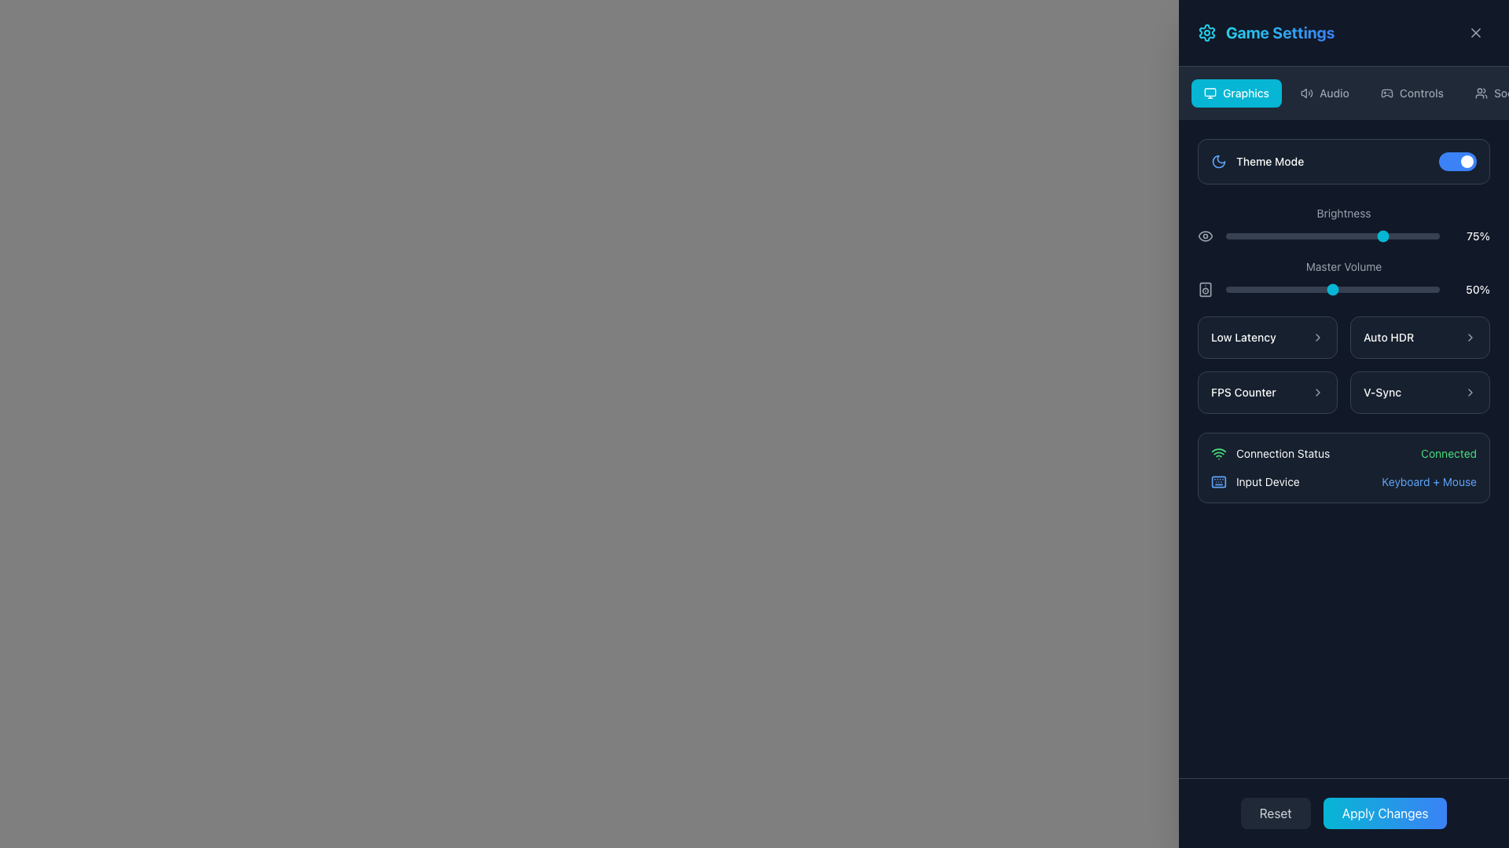 This screenshot has width=1509, height=848. I want to click on the 'Graphics' settings button, which is the first button on the left in the horizontal row of buttons at the top of the settings panel, so click(1235, 93).